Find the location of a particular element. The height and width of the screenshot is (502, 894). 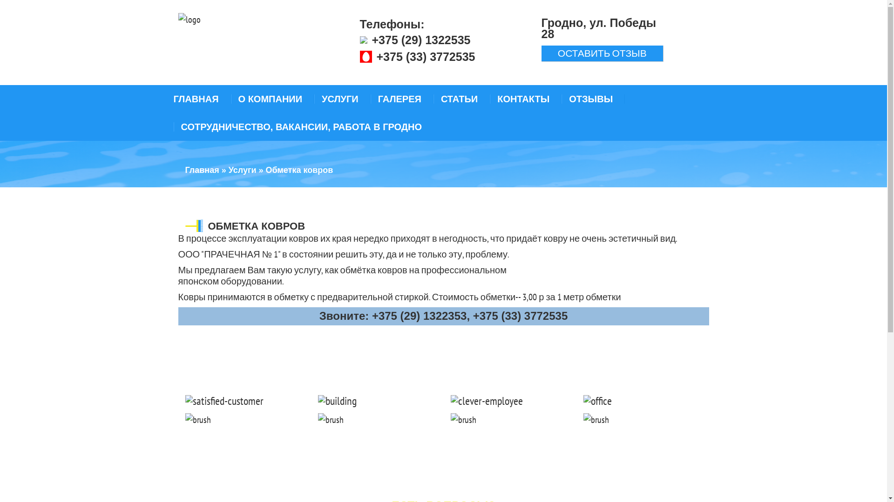

'+375 (33) 3772535' is located at coordinates (425, 57).